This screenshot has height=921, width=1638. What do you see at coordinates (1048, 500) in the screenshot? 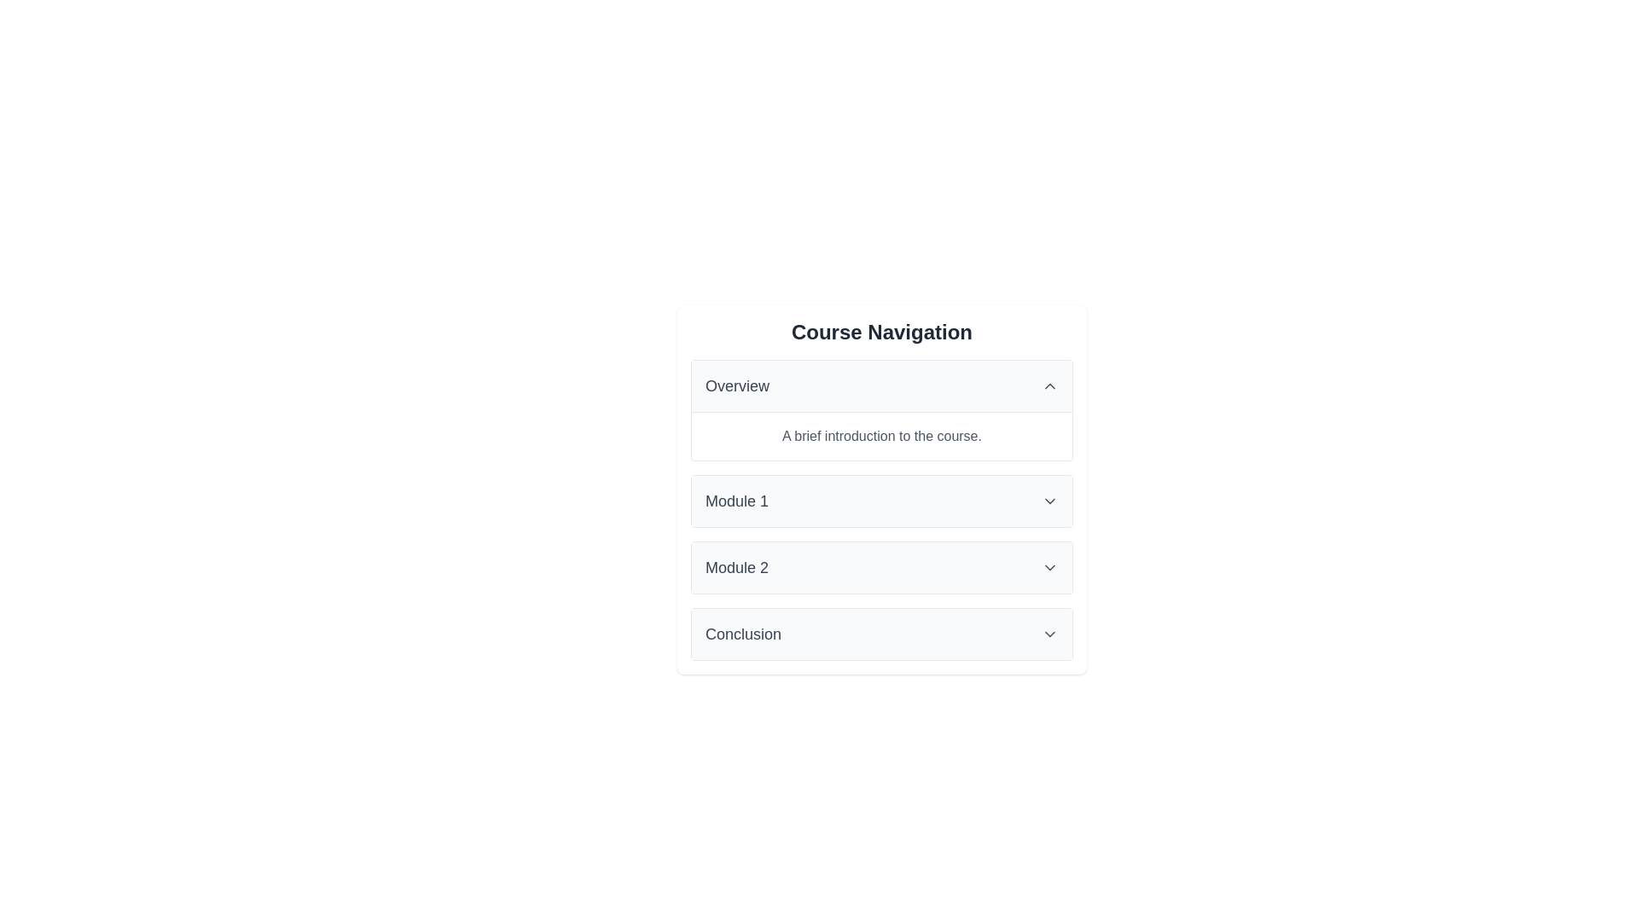
I see `the Dropdown expansion icon located at the far right of the 'Module 1' section` at bounding box center [1048, 500].